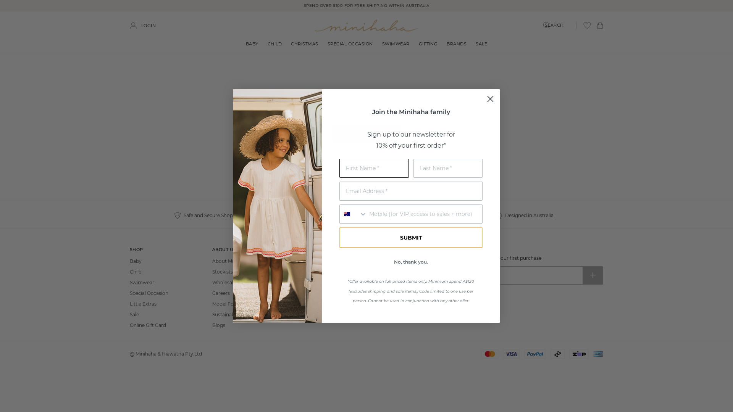  What do you see at coordinates (350, 42) in the screenshot?
I see `'SPECIAL OCCASION'` at bounding box center [350, 42].